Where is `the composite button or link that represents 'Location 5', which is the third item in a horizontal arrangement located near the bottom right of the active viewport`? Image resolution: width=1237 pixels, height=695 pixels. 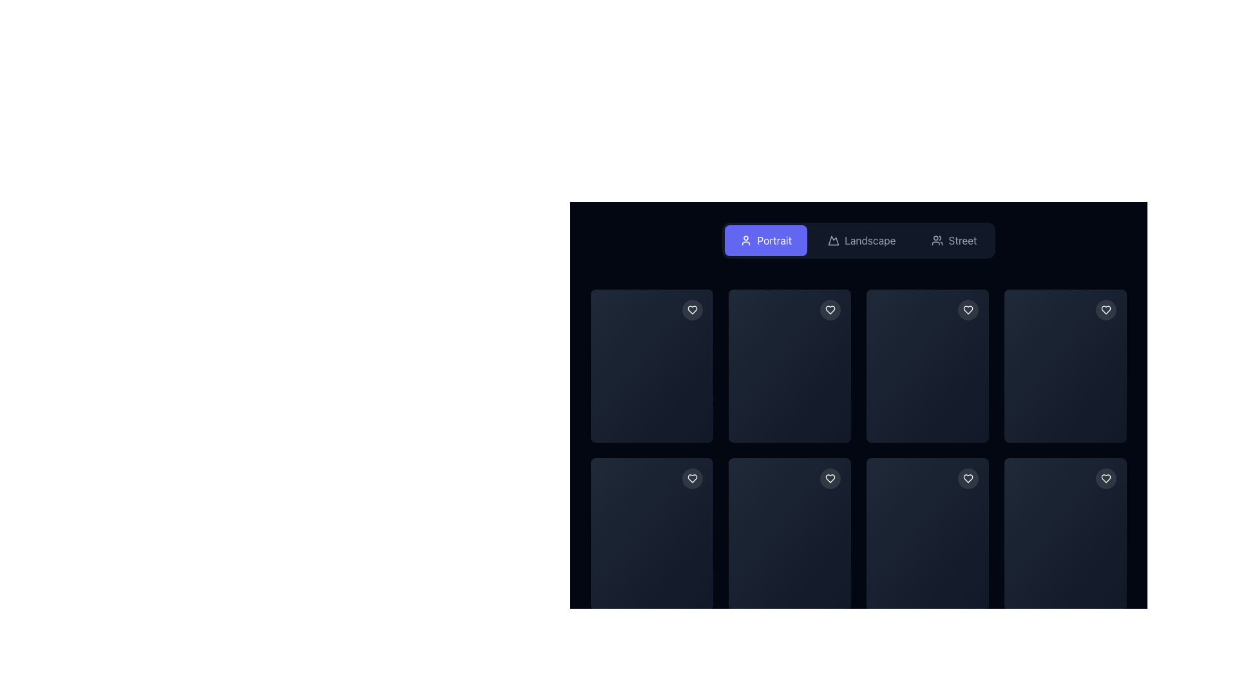
the composite button or link that represents 'Location 5', which is the third item in a horizontal arrangement located near the bottom right of the active viewport is located at coordinates (691, 593).